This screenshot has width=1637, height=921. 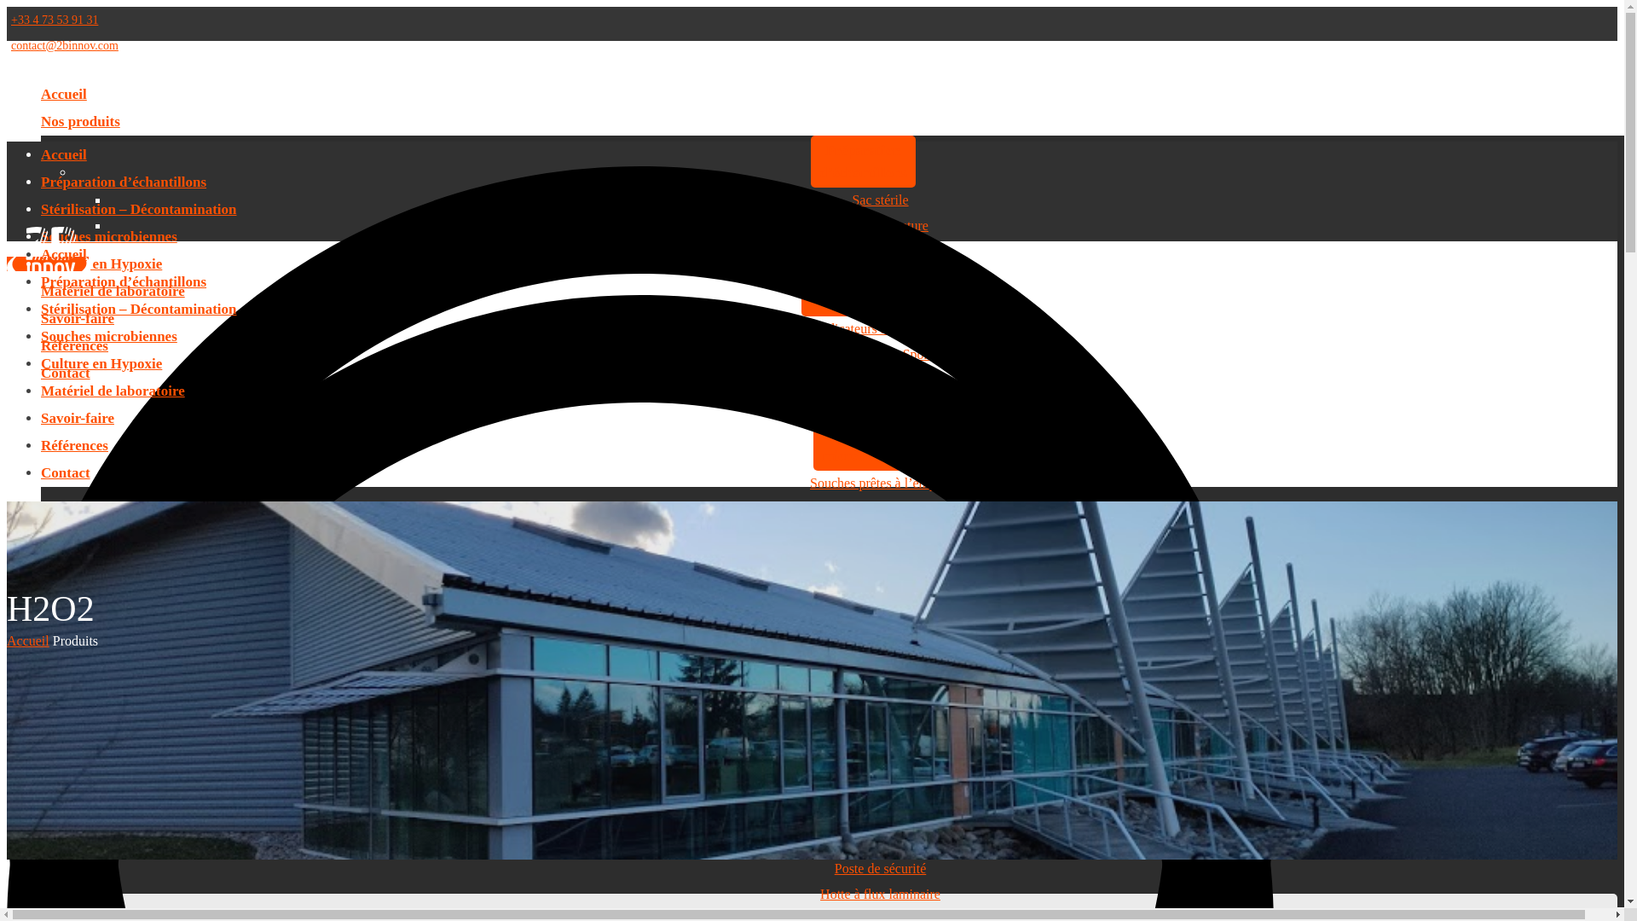 What do you see at coordinates (65, 44) in the screenshot?
I see `'contact@2binnov.com'` at bounding box center [65, 44].